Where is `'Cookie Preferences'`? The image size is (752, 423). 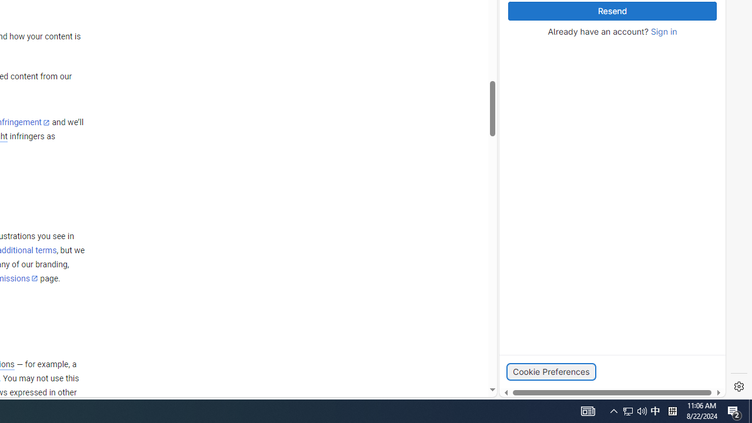
'Cookie Preferences' is located at coordinates (550, 371).